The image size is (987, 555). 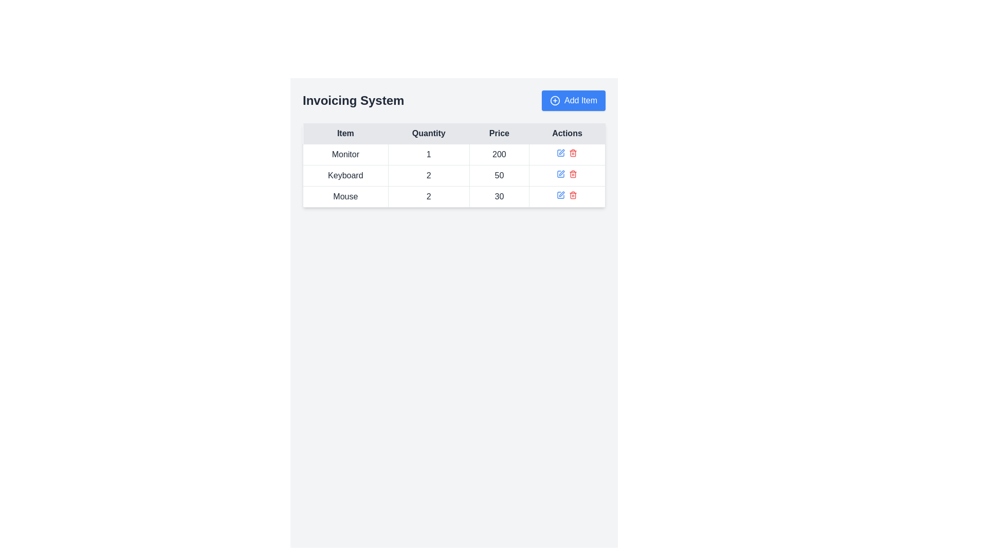 I want to click on the Edit icon, which resembles a square with a pen overlay, located in the 'Actions' column of the last row of the table for the 'Mouse' item, so click(x=560, y=195).